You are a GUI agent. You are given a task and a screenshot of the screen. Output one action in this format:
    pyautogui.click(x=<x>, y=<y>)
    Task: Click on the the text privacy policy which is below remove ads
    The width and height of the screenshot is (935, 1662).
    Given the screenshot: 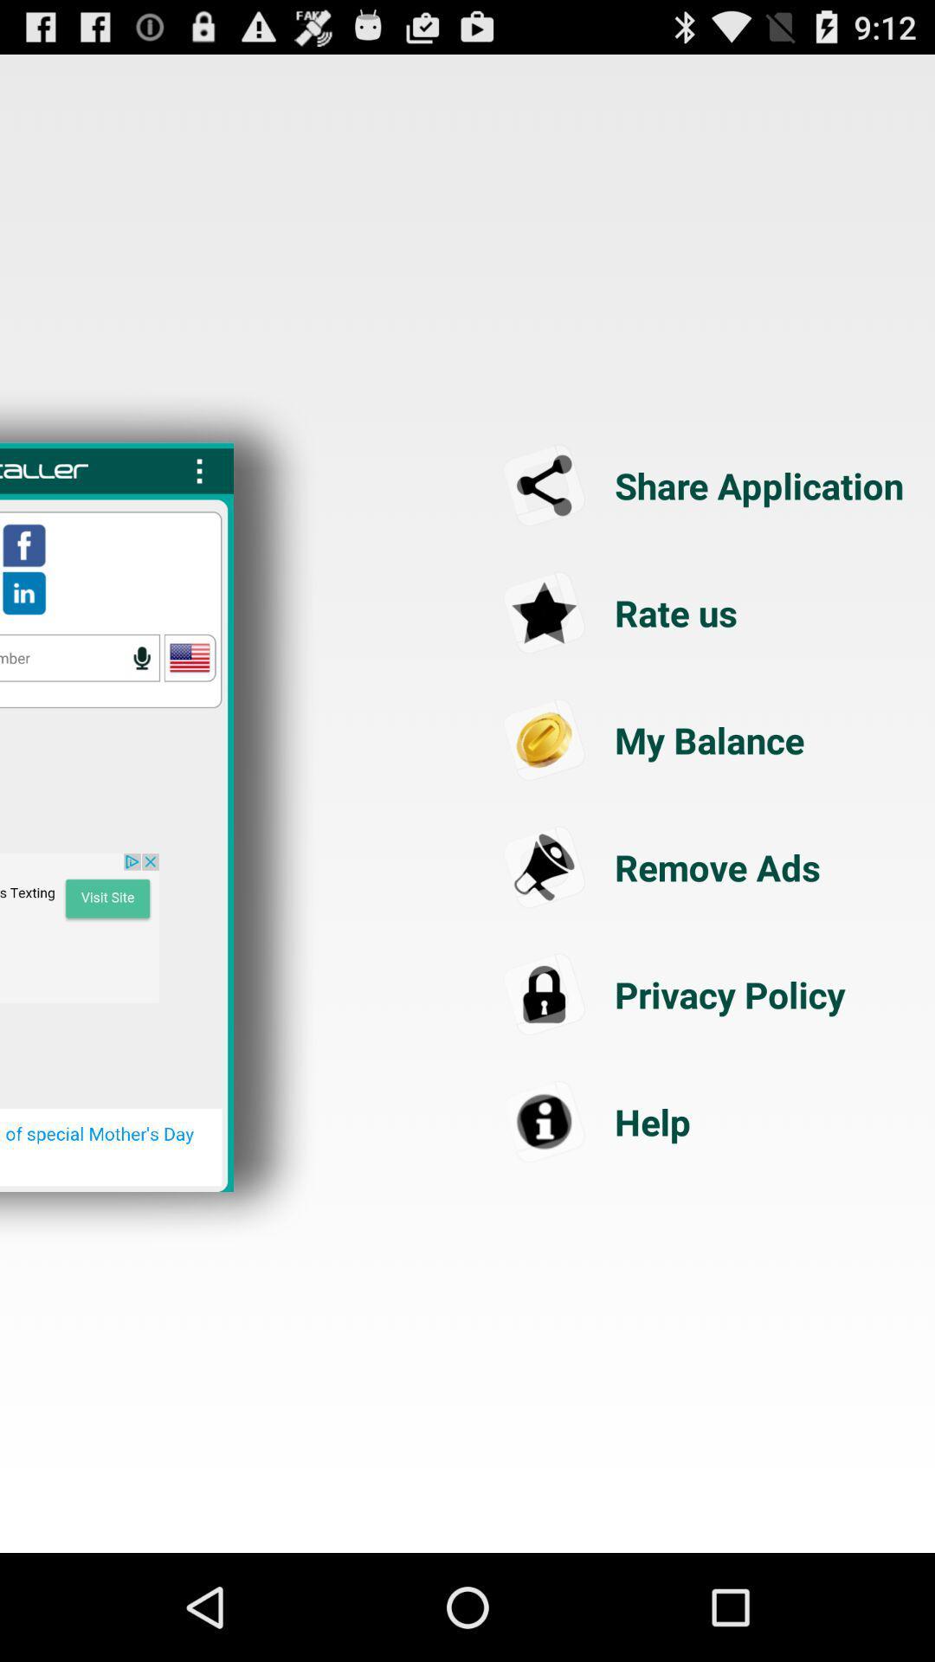 What is the action you would take?
    pyautogui.click(x=706, y=995)
    